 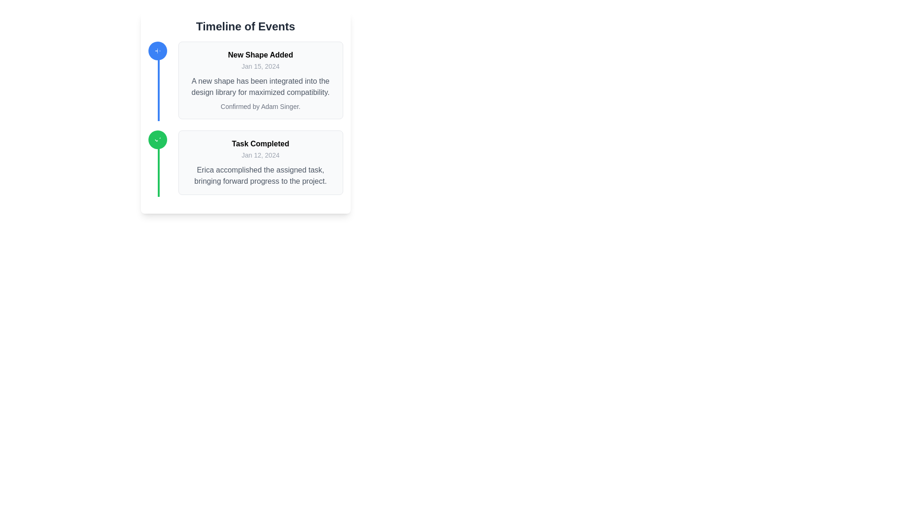 What do you see at coordinates (260, 162) in the screenshot?
I see `the Informational box that displays 'Task Completed', the date 'Jan 12, 2024', and a description about Erica's task accomplishment` at bounding box center [260, 162].